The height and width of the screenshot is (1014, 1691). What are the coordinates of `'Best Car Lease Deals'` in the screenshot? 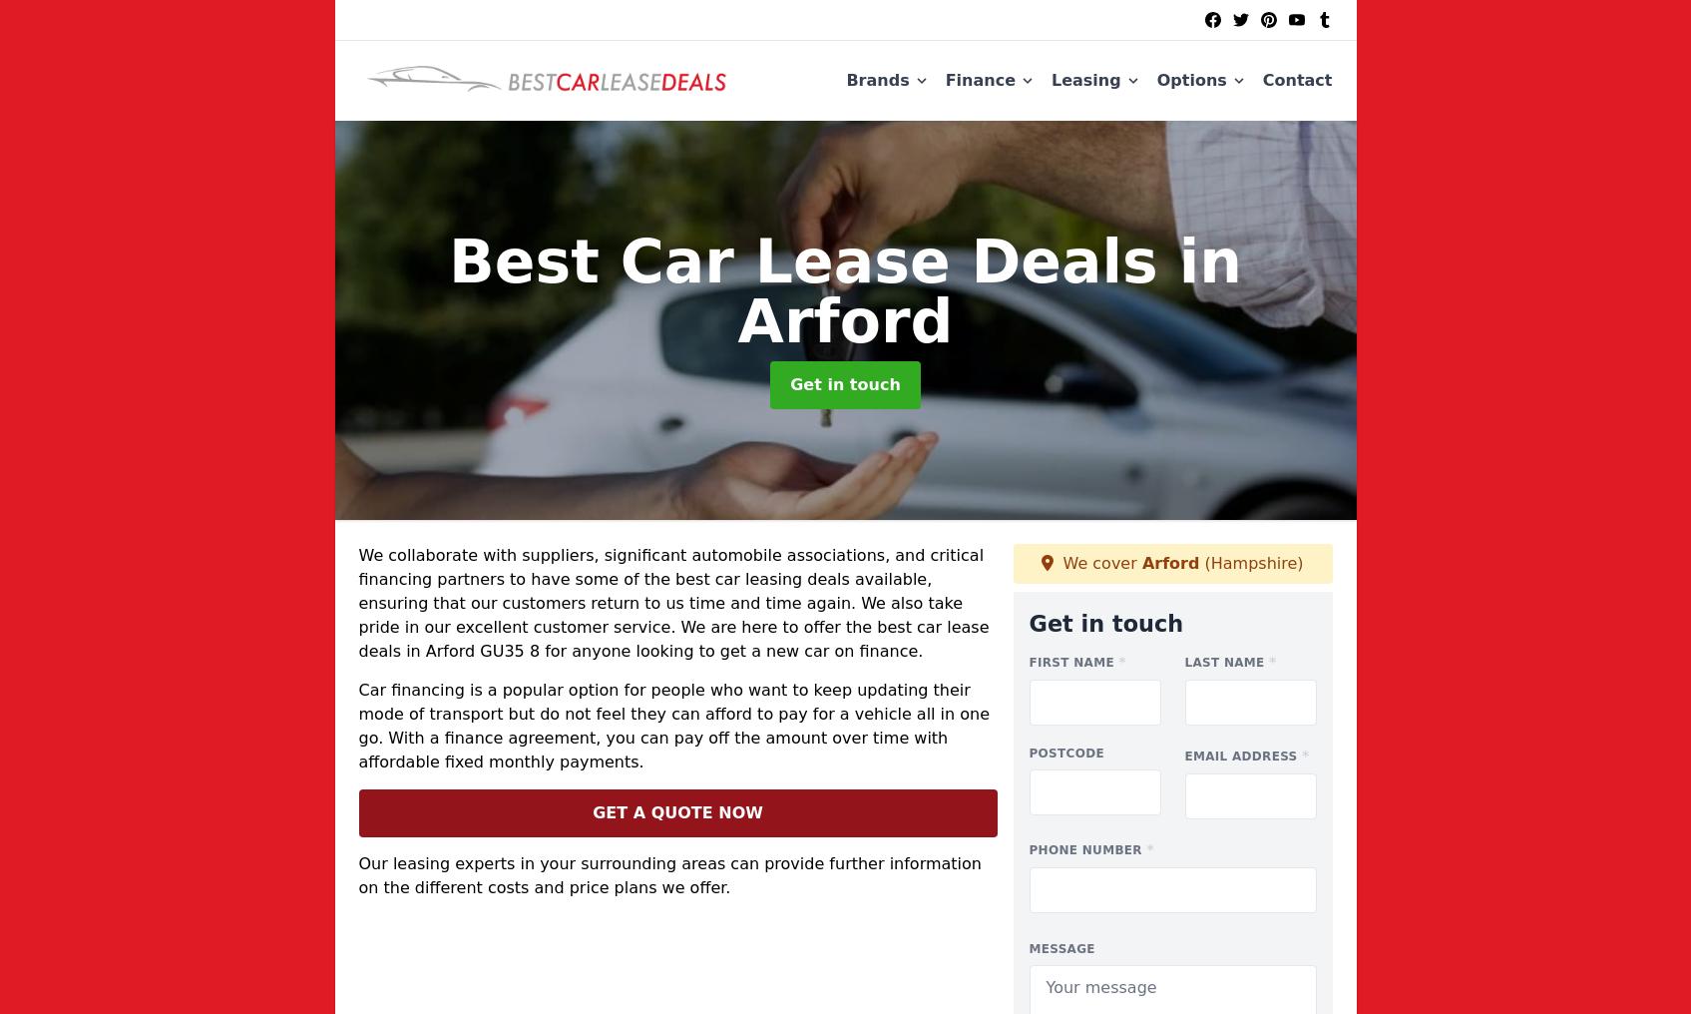 It's located at (449, 259).